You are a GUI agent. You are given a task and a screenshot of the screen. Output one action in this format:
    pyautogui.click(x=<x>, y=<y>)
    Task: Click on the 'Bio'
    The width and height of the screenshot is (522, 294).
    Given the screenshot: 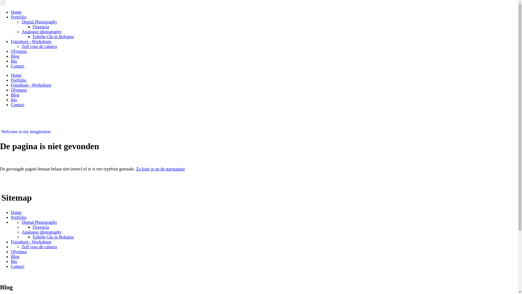 What is the action you would take?
    pyautogui.click(x=11, y=261)
    